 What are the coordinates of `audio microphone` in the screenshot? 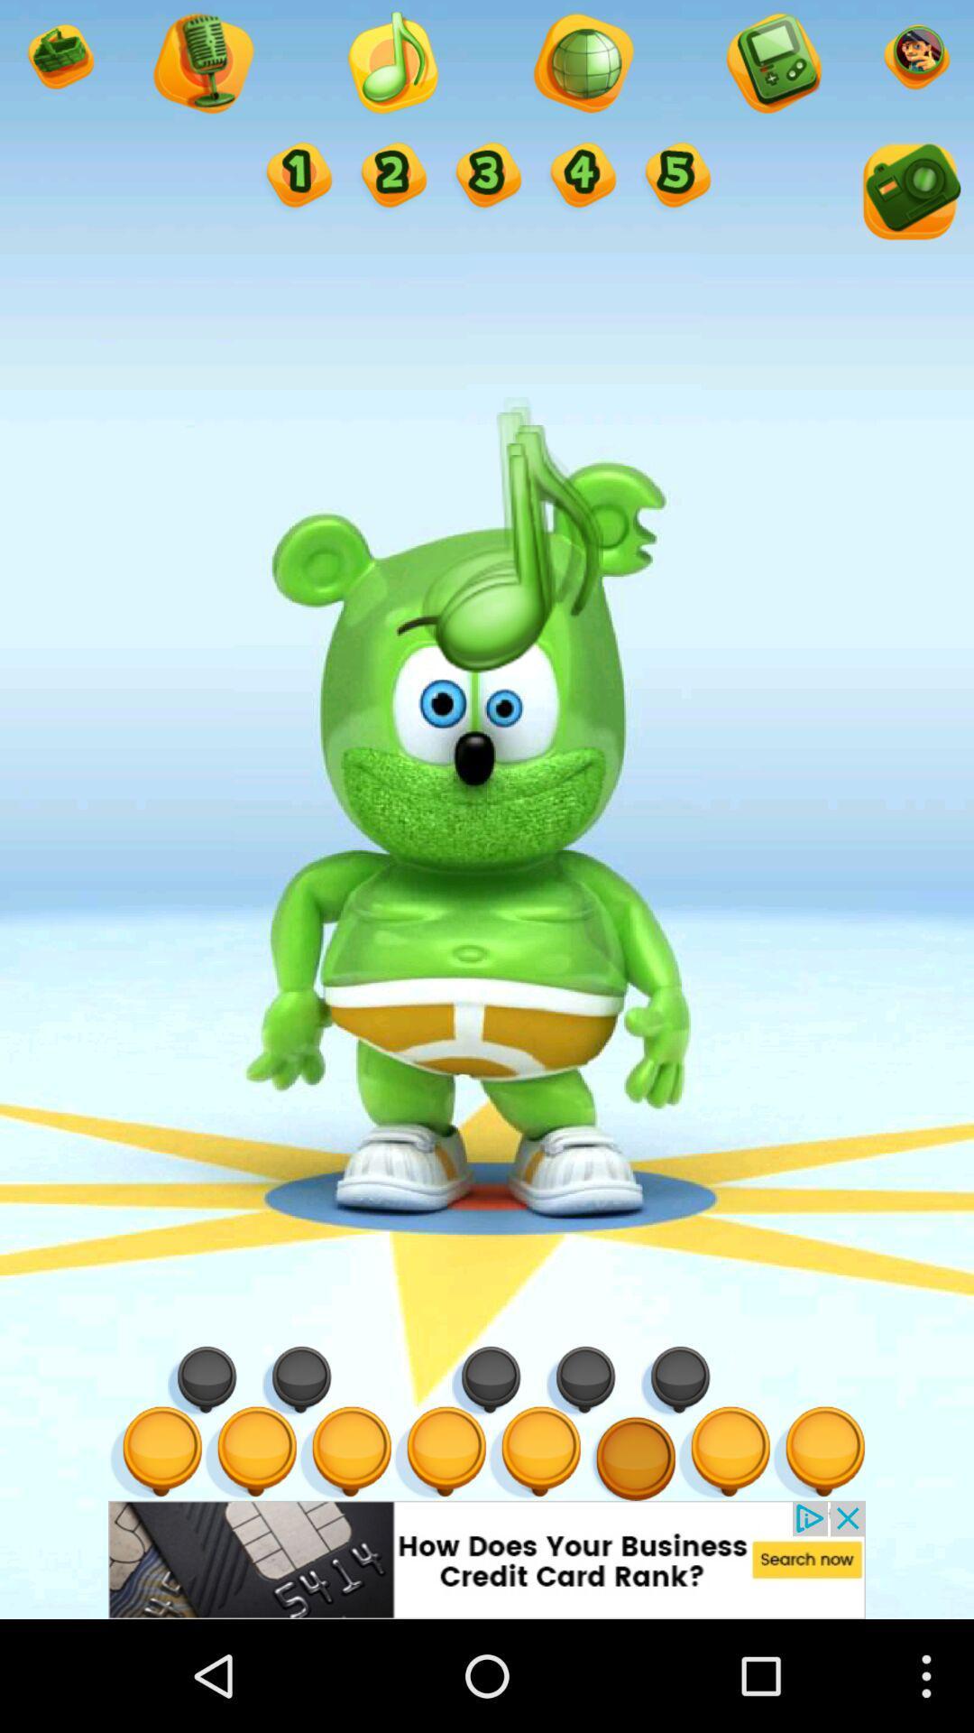 It's located at (201, 65).